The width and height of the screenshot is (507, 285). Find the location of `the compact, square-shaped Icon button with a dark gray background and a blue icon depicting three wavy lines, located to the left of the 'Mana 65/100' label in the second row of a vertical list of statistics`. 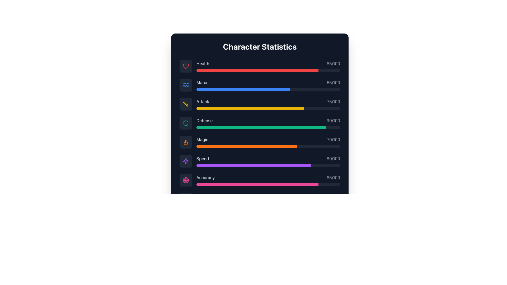

the compact, square-shaped Icon button with a dark gray background and a blue icon depicting three wavy lines, located to the left of the 'Mana 65/100' label in the second row of a vertical list of statistics is located at coordinates (186, 85).